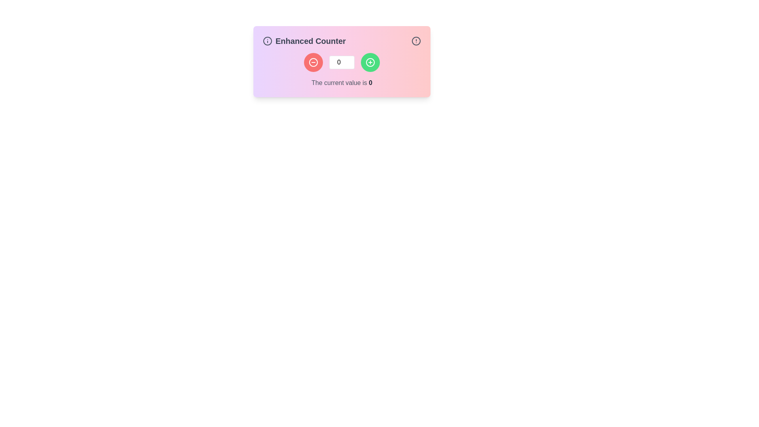 The width and height of the screenshot is (759, 427). I want to click on text label located near the top left of the panel, following the info icon, which serves as a title for the section providing context to the user, so click(304, 41).